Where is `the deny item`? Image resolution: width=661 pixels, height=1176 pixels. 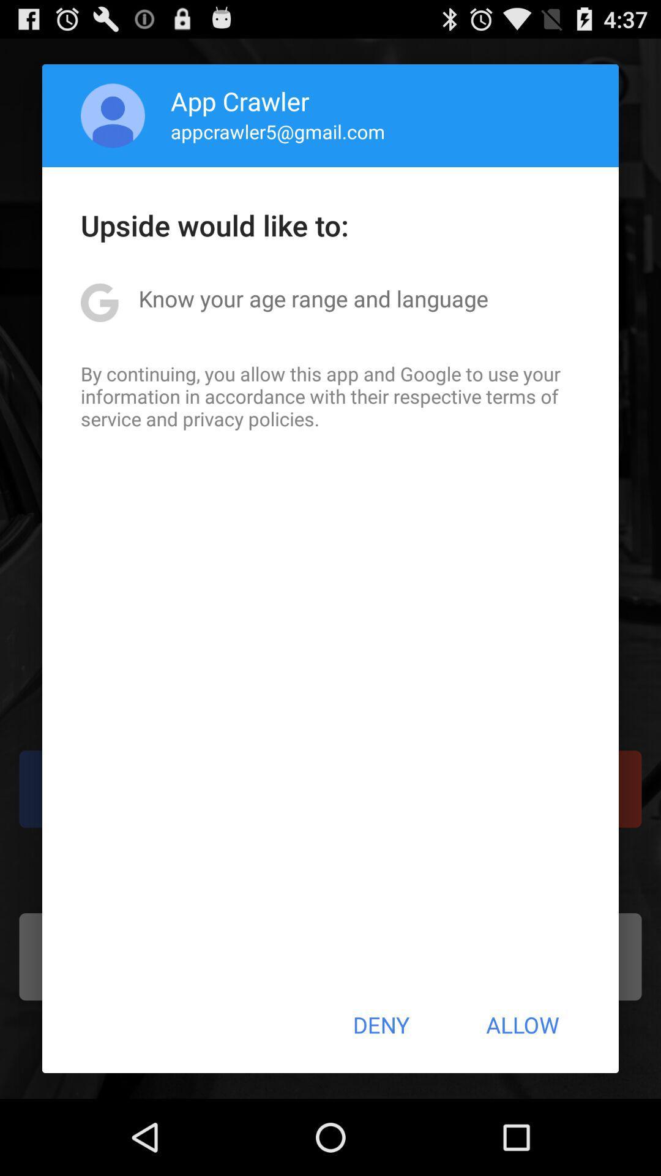
the deny item is located at coordinates (380, 1025).